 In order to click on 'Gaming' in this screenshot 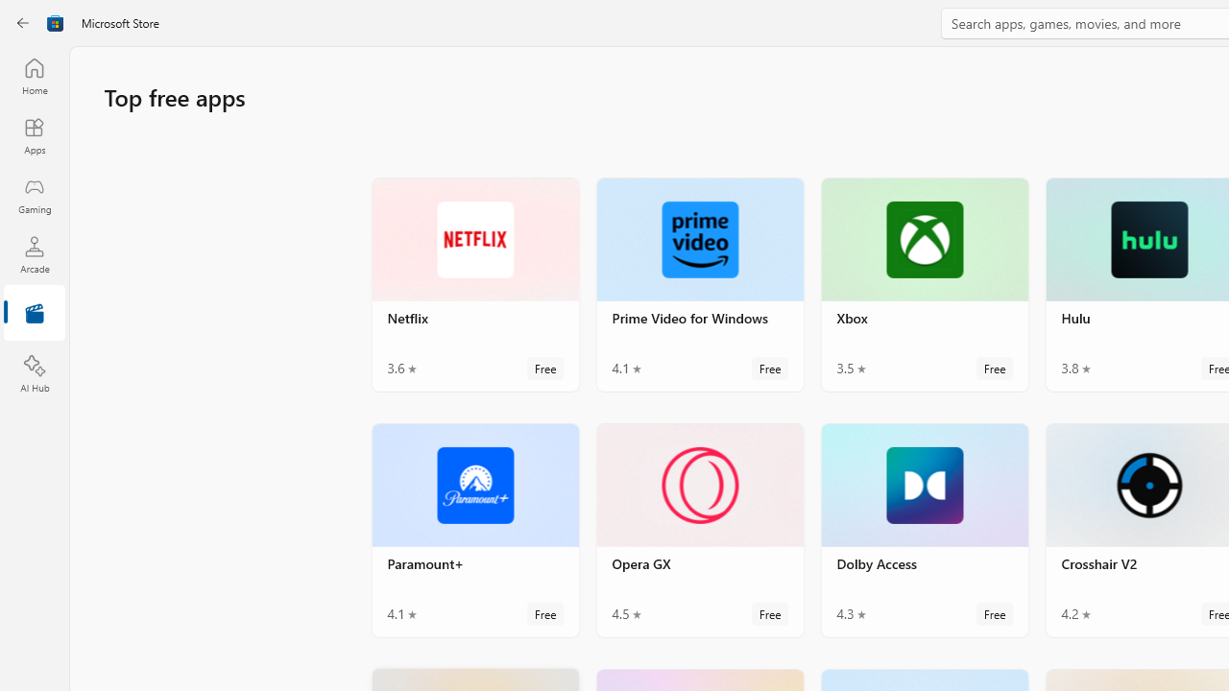, I will do `click(34, 195)`.